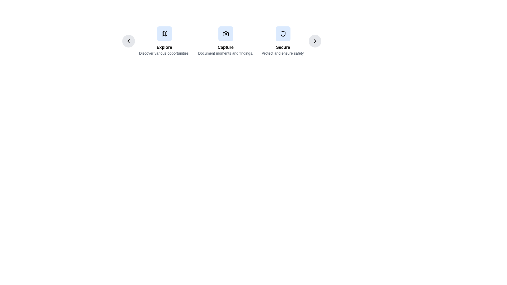  I want to click on the SVG Icon indicating an interactive mechanism for navigation located near the right edge of the interface adjacent to the 'Secure' label, so click(315, 41).